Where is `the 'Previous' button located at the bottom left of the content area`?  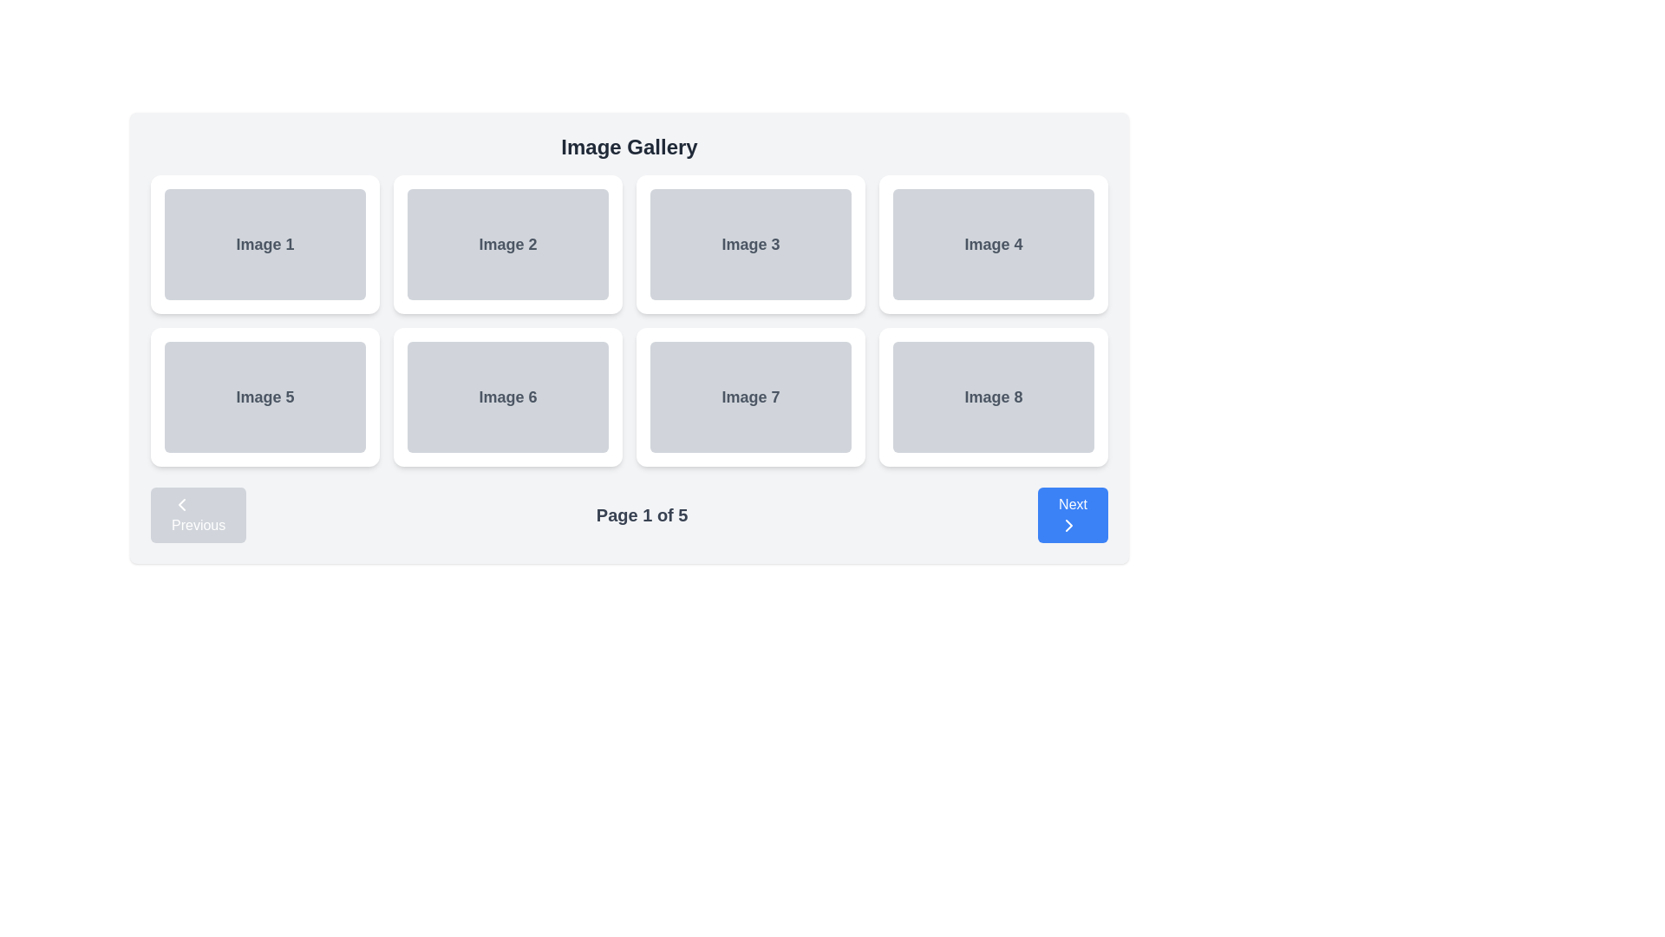
the 'Previous' button located at the bottom left of the content area is located at coordinates (199, 514).